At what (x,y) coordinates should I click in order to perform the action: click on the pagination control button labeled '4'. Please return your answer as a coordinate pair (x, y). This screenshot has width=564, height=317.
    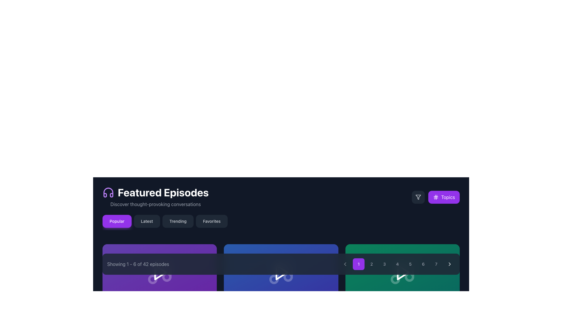
    Looking at the image, I should click on (397, 264).